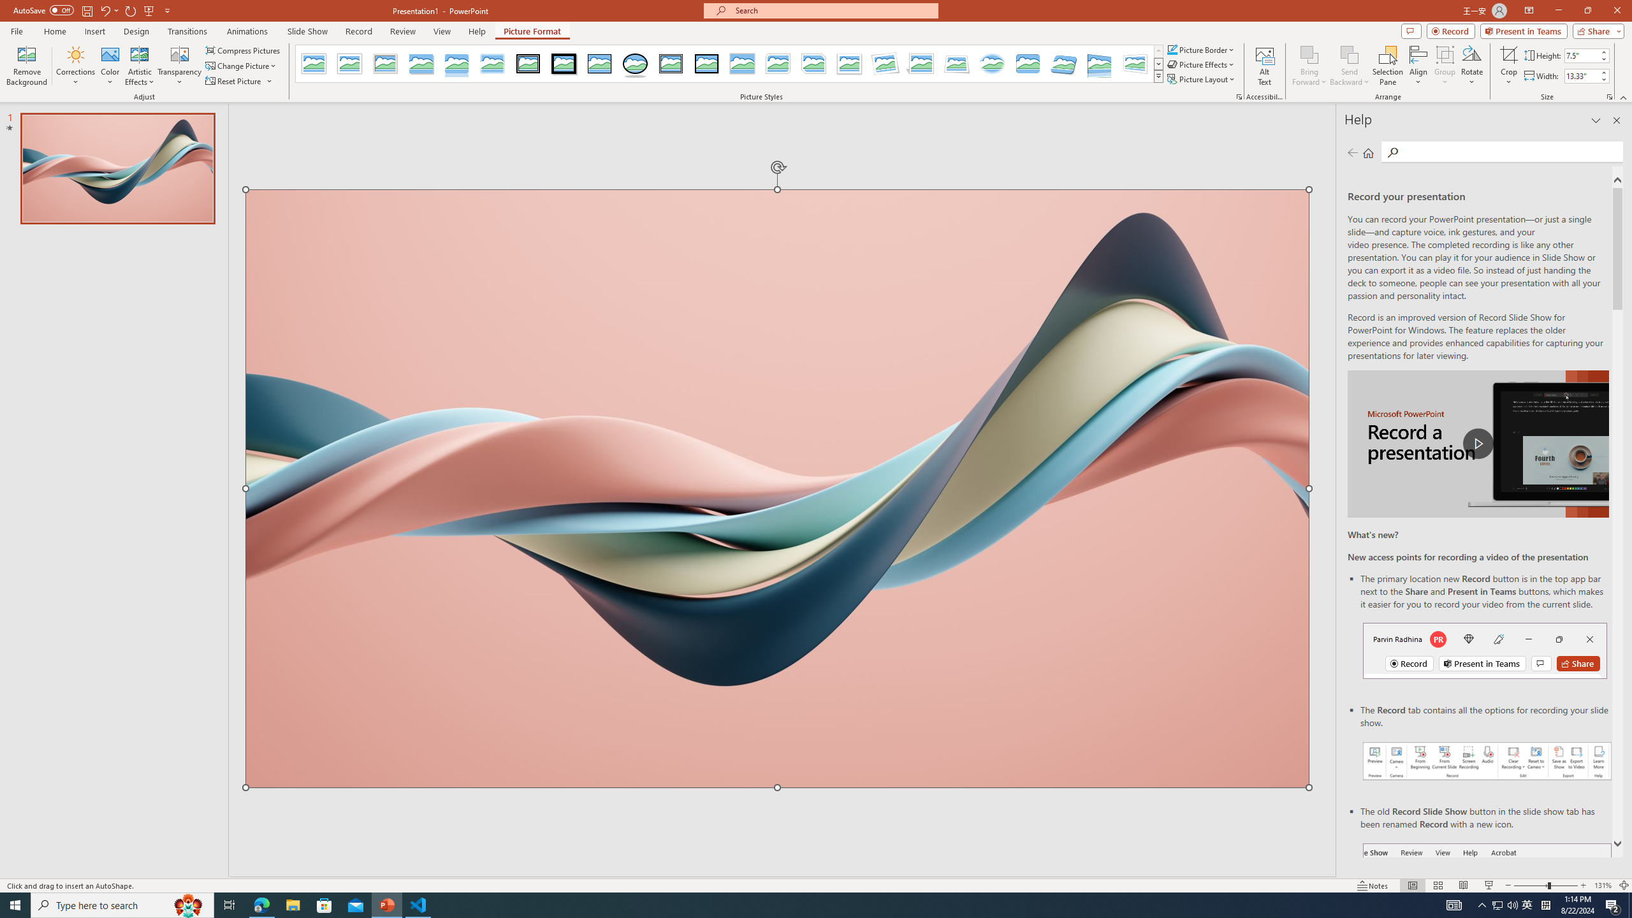 Image resolution: width=1632 pixels, height=918 pixels. I want to click on 'Crop', so click(1508, 54).